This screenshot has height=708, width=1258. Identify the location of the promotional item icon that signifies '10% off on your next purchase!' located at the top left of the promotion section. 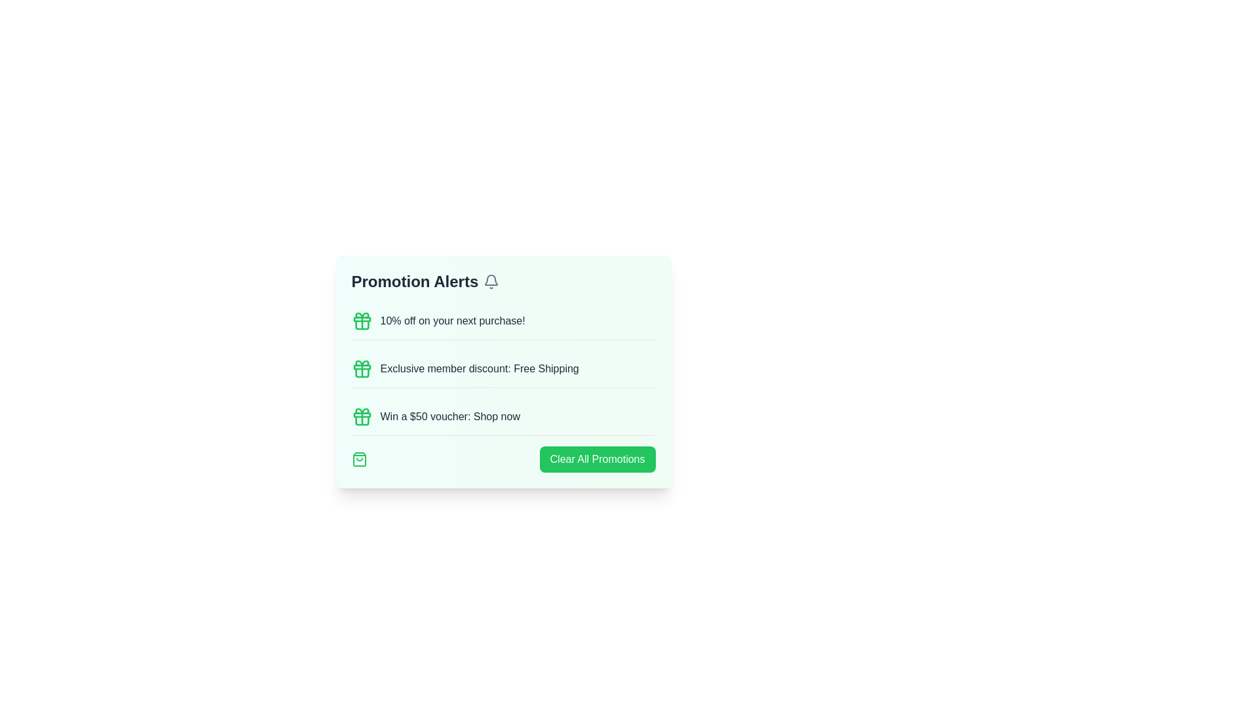
(362, 321).